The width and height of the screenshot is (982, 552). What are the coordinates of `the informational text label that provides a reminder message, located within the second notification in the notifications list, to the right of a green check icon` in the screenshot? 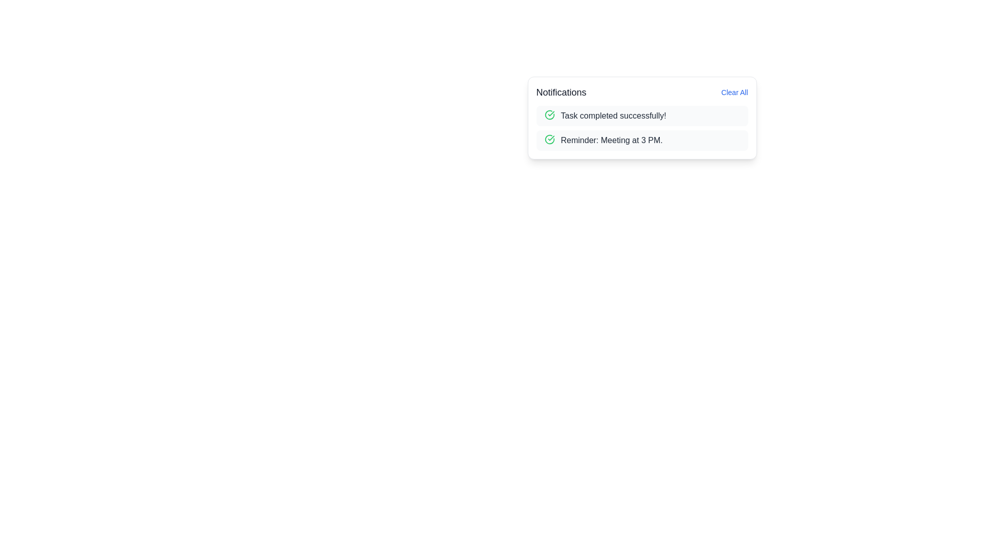 It's located at (612, 140).